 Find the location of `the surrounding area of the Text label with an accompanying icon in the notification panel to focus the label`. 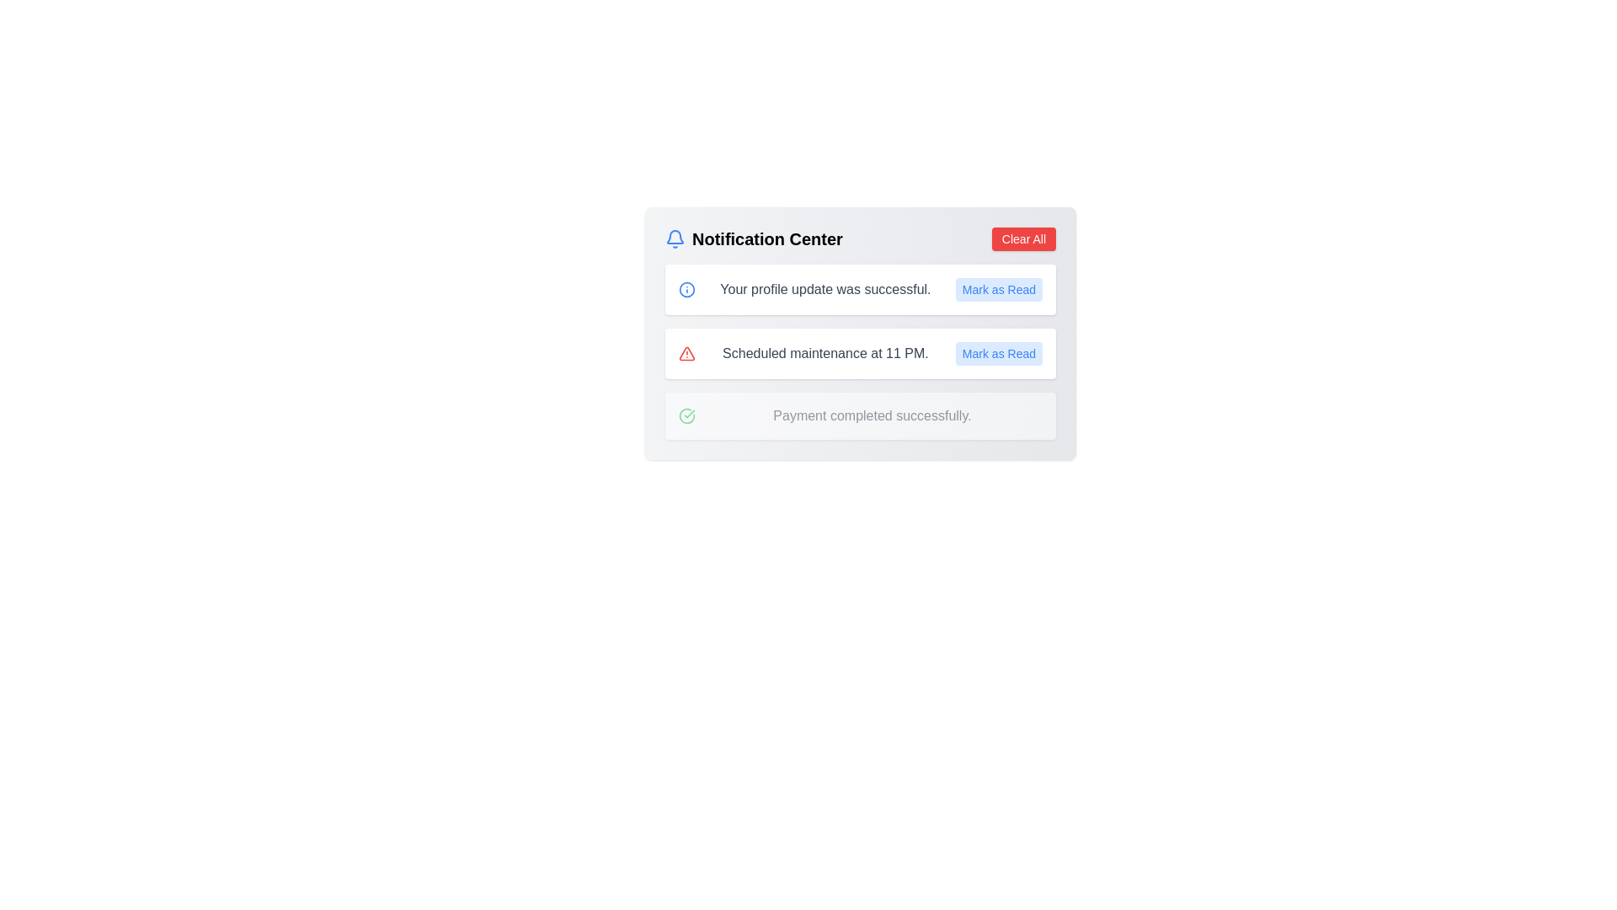

the surrounding area of the Text label with an accompanying icon in the notification panel to focus the label is located at coordinates (752, 239).